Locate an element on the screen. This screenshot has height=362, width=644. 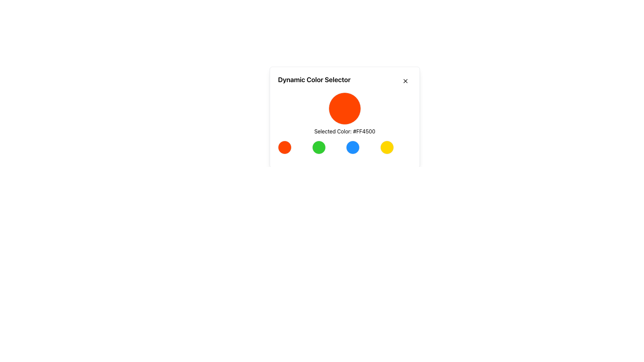
the text label that displays the currently selected color name and hexadecimal code, positioned below a large orange circular element and above a row of four smaller colored circles is located at coordinates (344, 131).